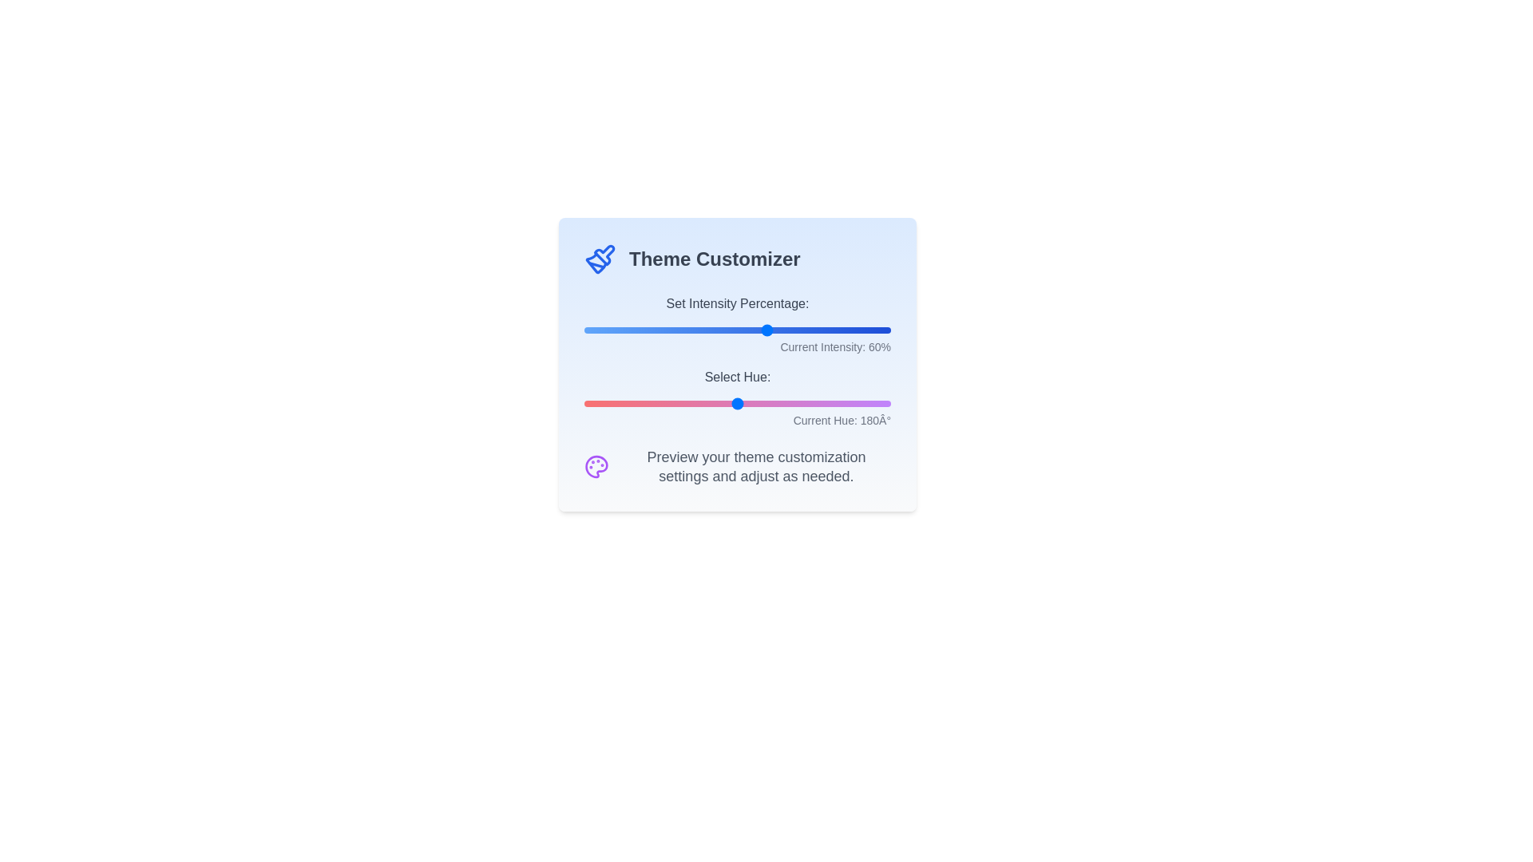 This screenshot has width=1533, height=862. Describe the element at coordinates (782, 402) in the screenshot. I see `the 'Select Hue' slider to 232 degrees` at that location.